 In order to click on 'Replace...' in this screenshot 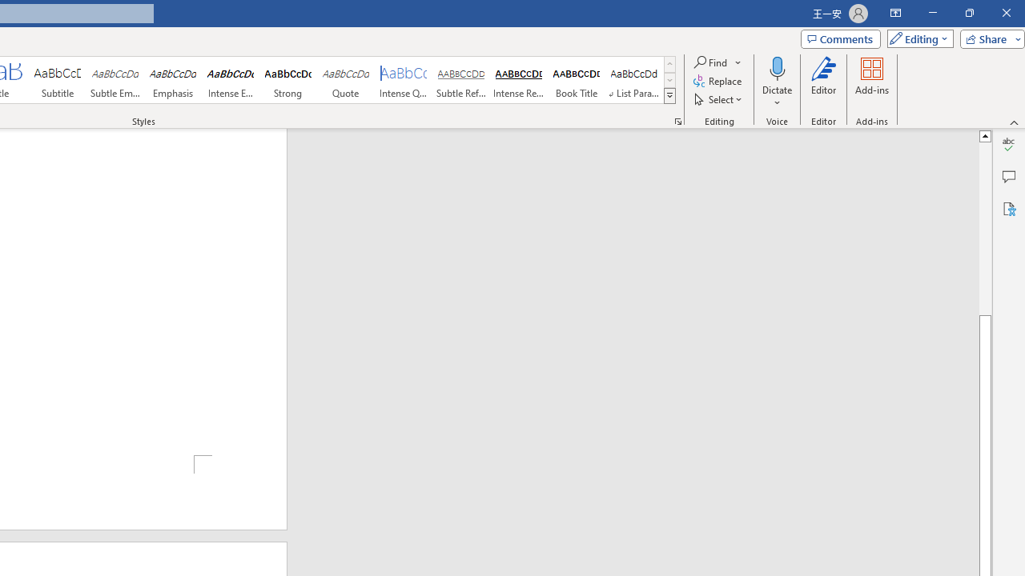, I will do `click(717, 81)`.